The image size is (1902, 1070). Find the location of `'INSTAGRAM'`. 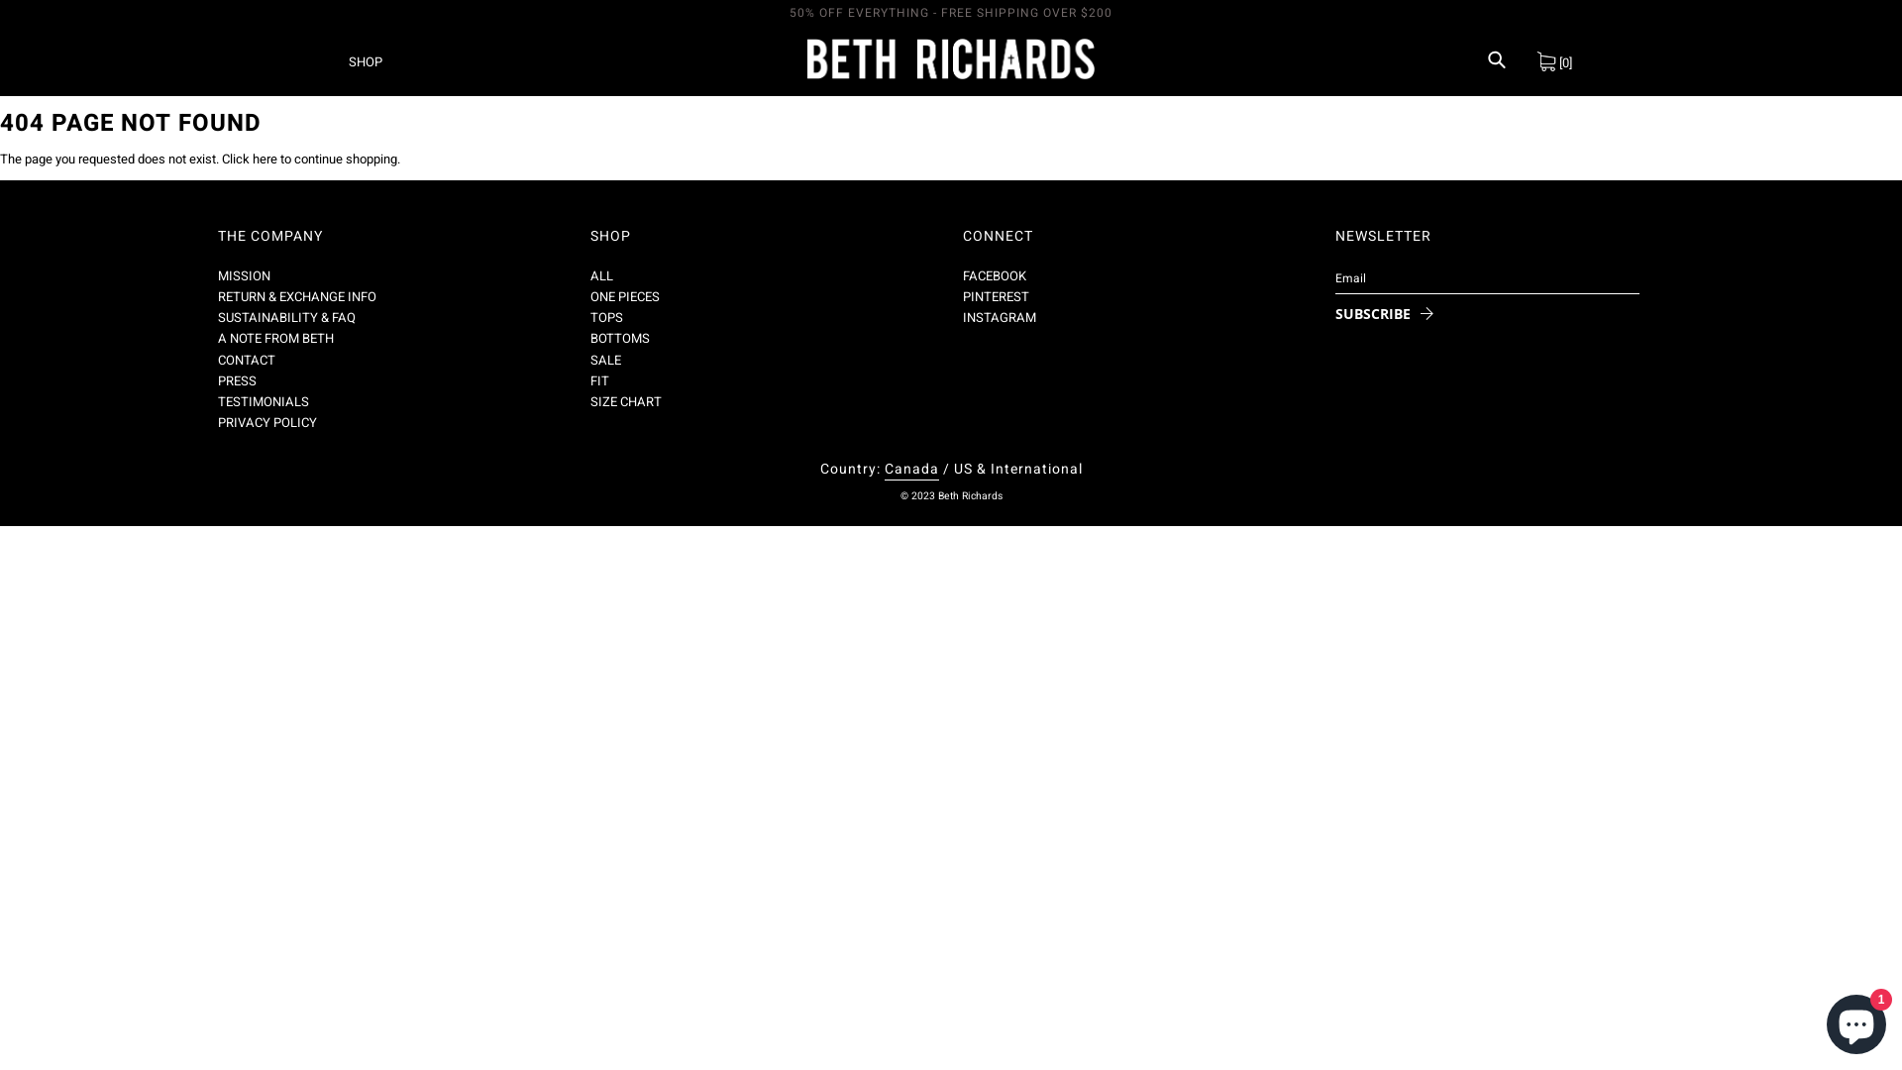

'INSTAGRAM' is located at coordinates (999, 316).